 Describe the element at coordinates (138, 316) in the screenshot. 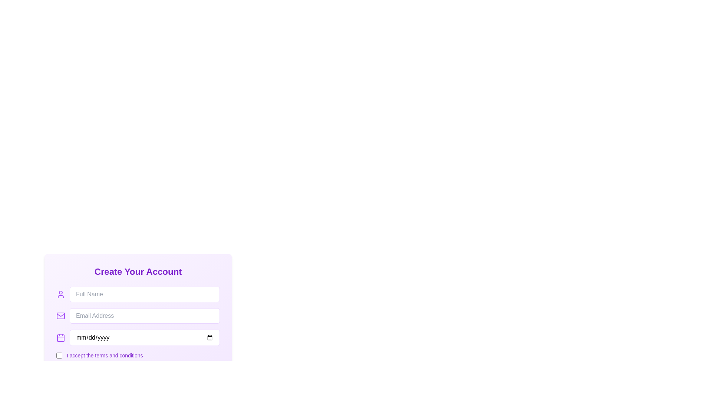

I see `the email input field in the account creation form` at that location.